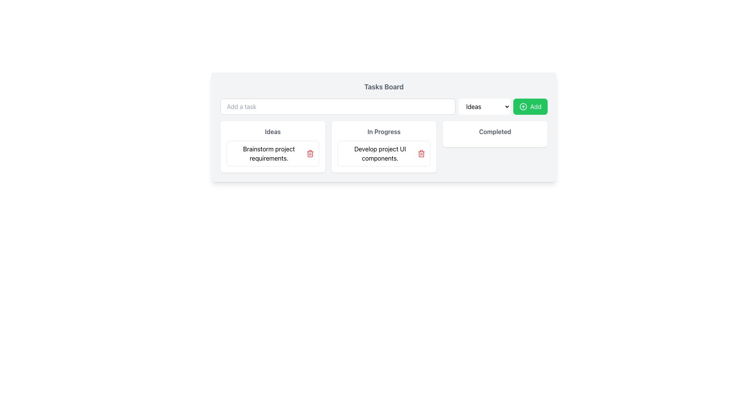 Image resolution: width=741 pixels, height=416 pixels. I want to click on the text label displaying 'Develop project UI components.' to focus on it, so click(380, 153).